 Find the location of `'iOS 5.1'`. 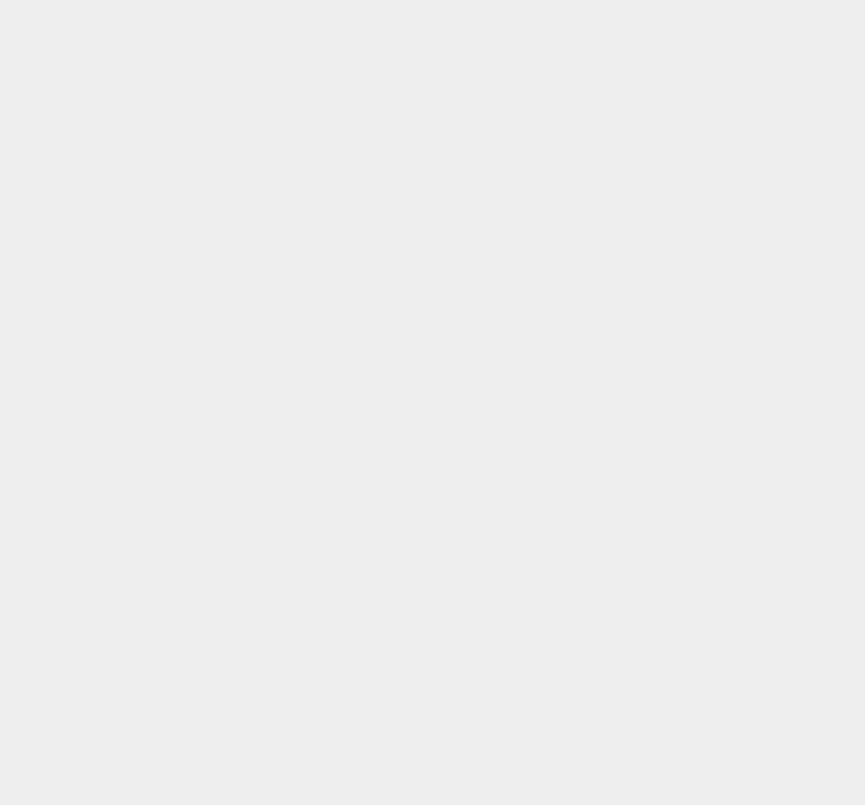

'iOS 5.1' is located at coordinates (627, 663).